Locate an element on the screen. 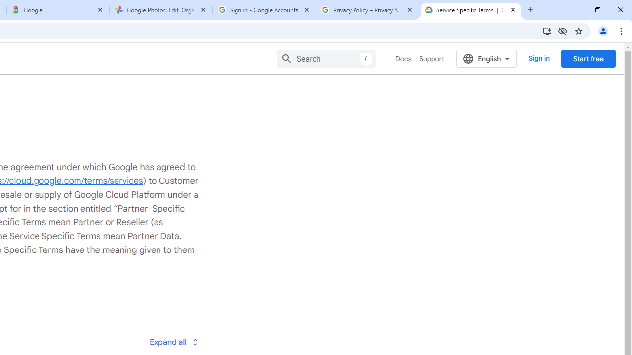  'Google' is located at coordinates (57, 10).